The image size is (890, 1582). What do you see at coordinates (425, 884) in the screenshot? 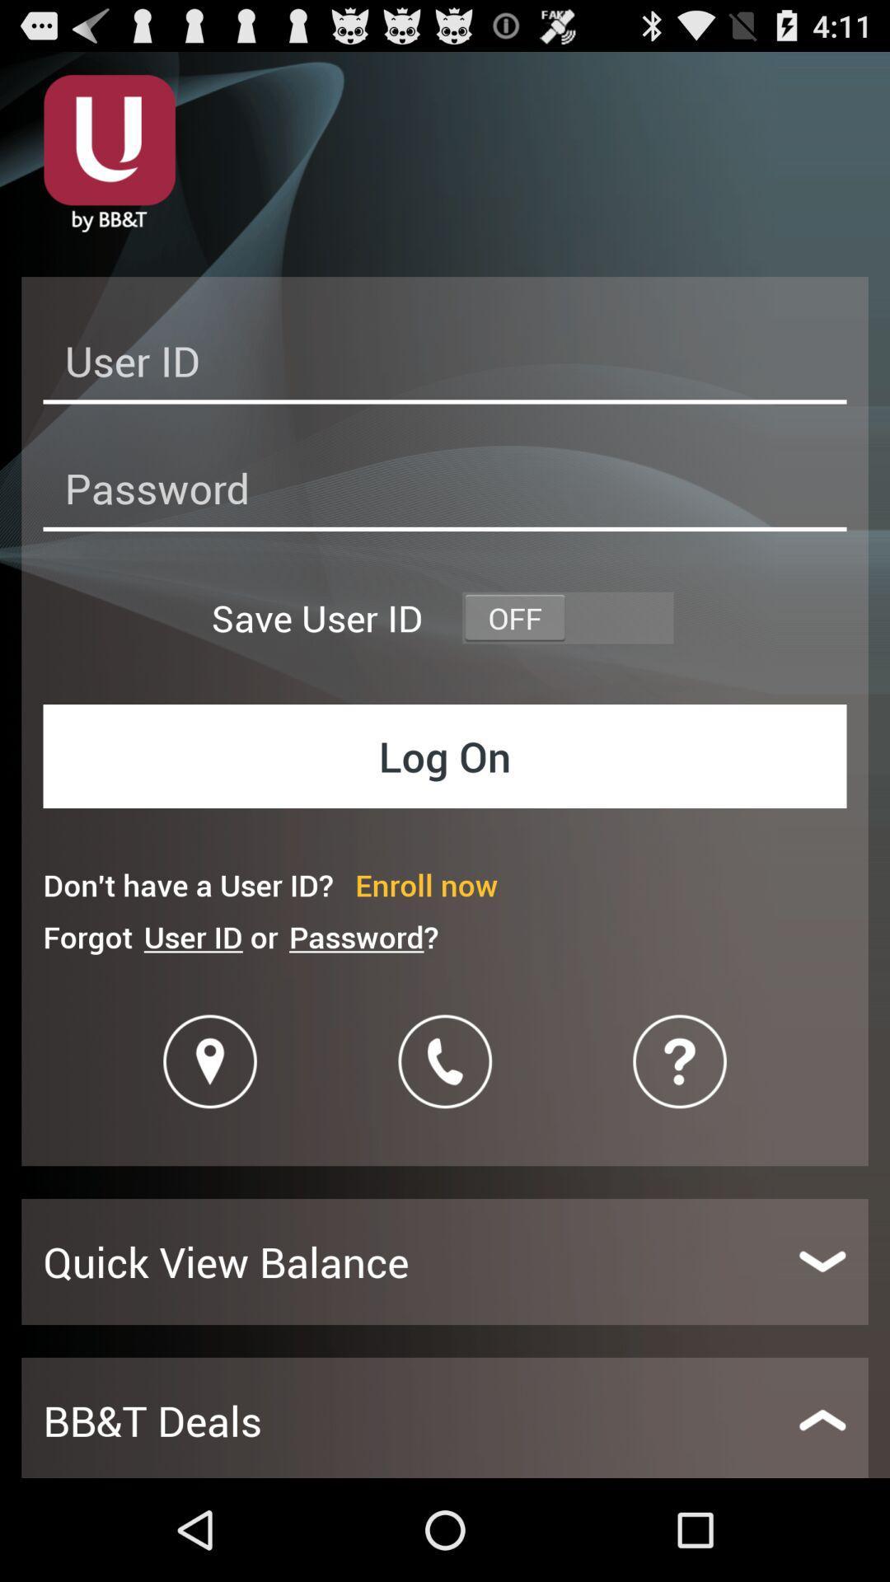
I see `the icon above password? icon` at bounding box center [425, 884].